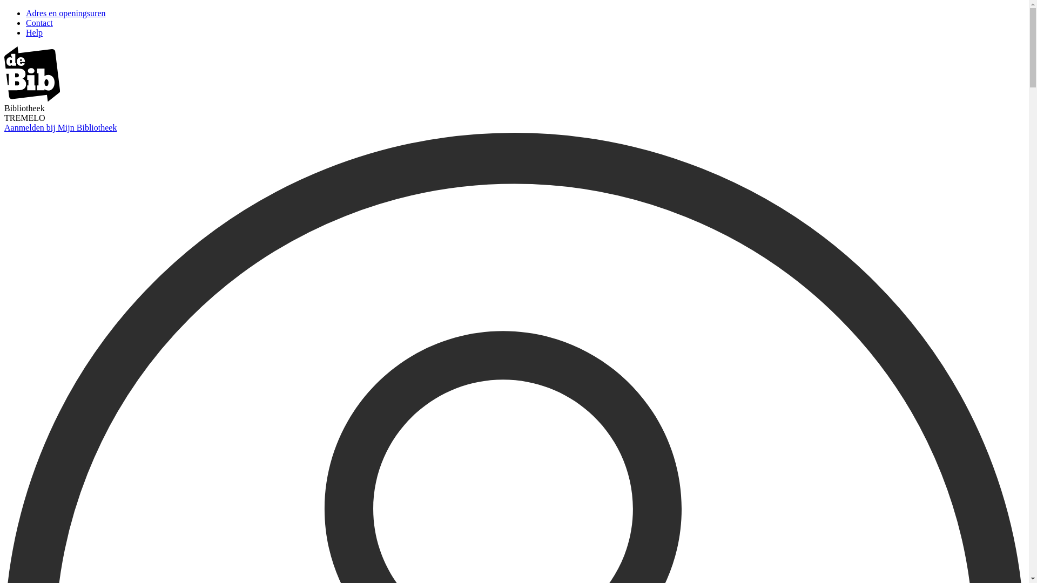 The image size is (1037, 583). I want to click on 'Overslaan en naar zoeken gaan', so click(4, 9).